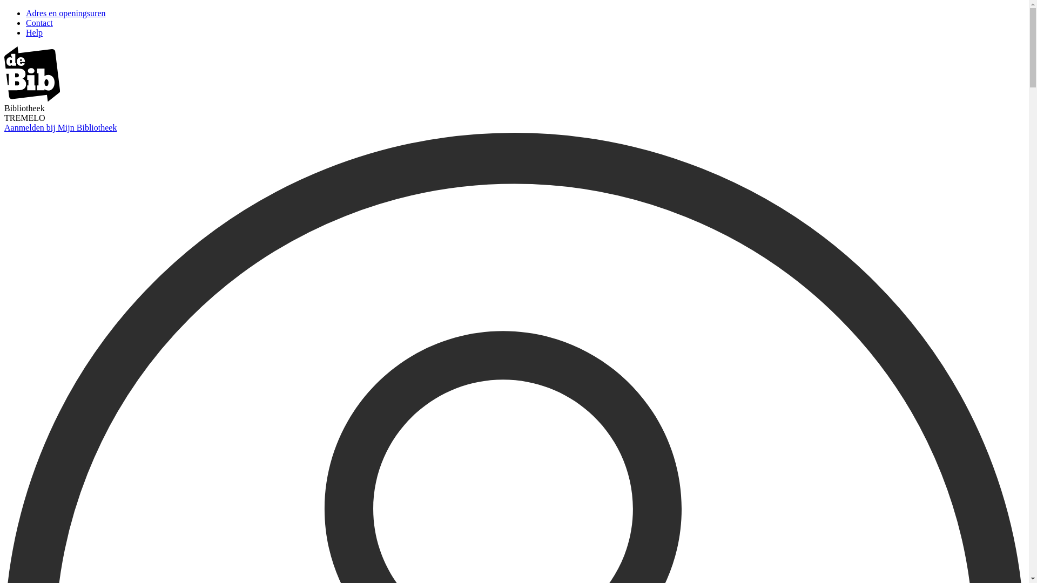 The image size is (1037, 583). I want to click on 'Overslaan en naar zoeken gaan', so click(4, 9).